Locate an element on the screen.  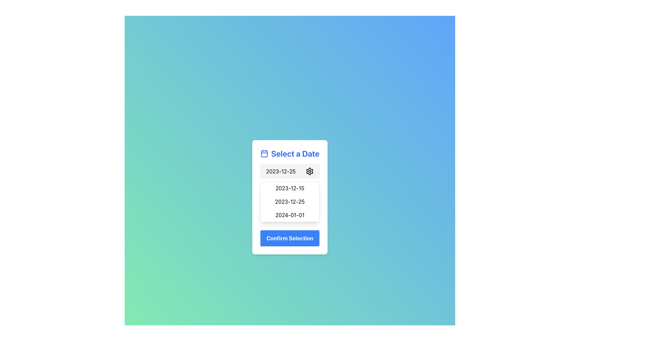
the settings icon located next to the date input field at the top of the dropdown interface is located at coordinates (309, 171).